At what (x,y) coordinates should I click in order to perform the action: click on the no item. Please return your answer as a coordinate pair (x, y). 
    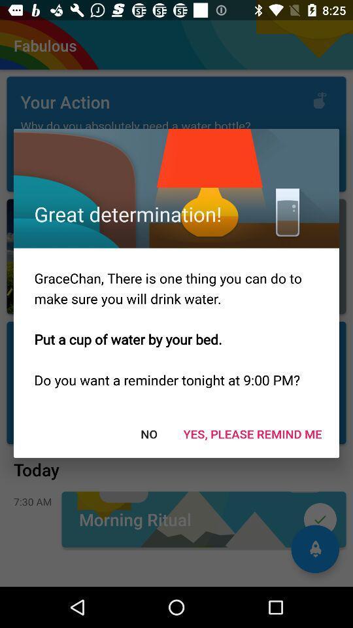
    Looking at the image, I should click on (148, 434).